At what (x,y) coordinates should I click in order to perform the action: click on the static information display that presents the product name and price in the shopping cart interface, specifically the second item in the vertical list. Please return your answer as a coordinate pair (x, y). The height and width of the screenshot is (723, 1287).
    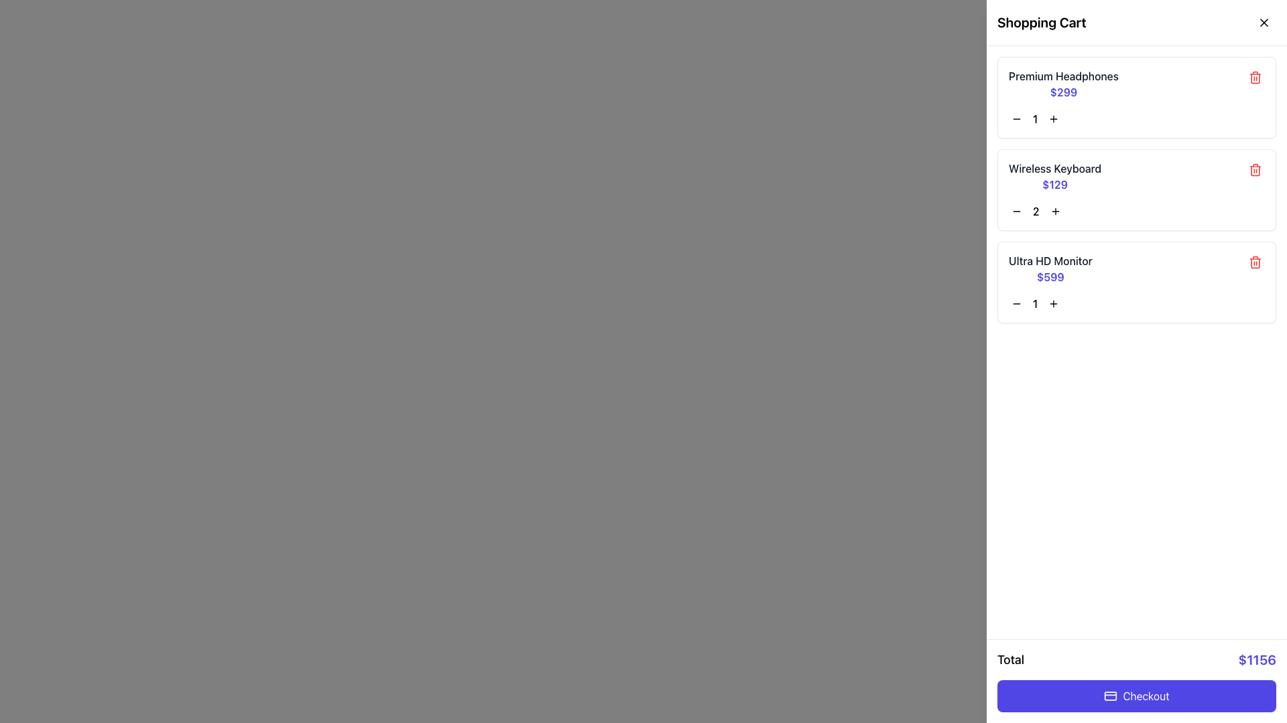
    Looking at the image, I should click on (1054, 175).